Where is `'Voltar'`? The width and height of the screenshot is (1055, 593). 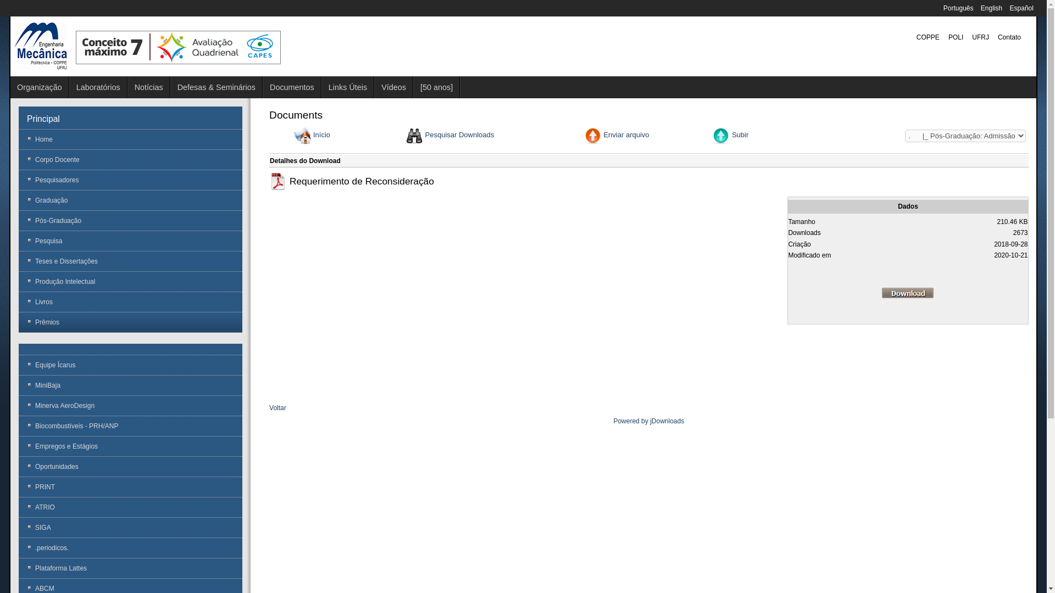
'Voltar' is located at coordinates (277, 408).